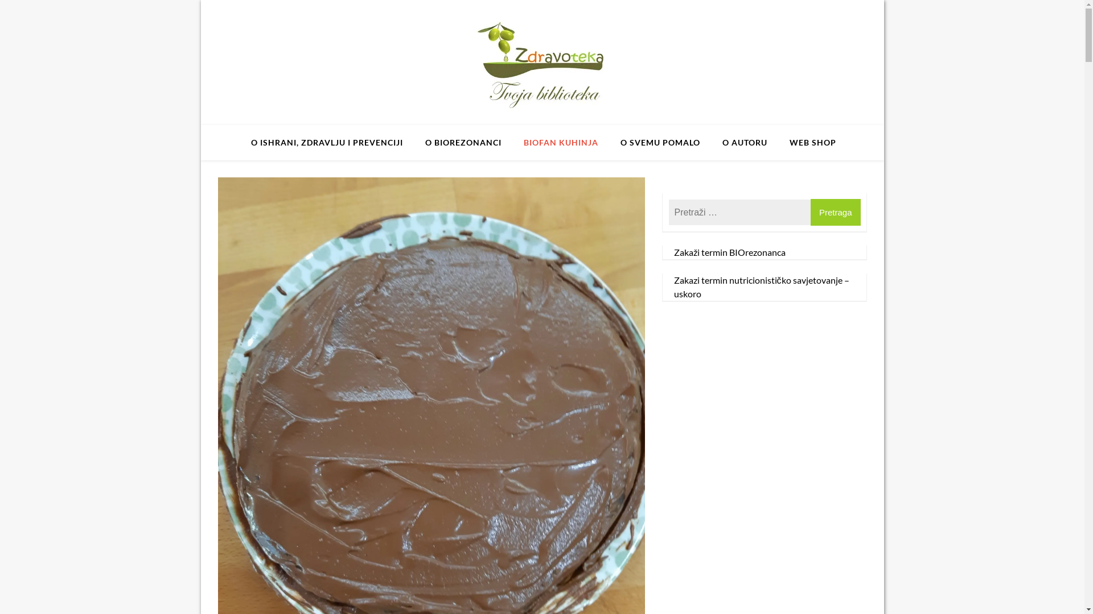 The width and height of the screenshot is (1093, 614). Describe the element at coordinates (812, 142) in the screenshot. I see `'WEB SHOP'` at that location.